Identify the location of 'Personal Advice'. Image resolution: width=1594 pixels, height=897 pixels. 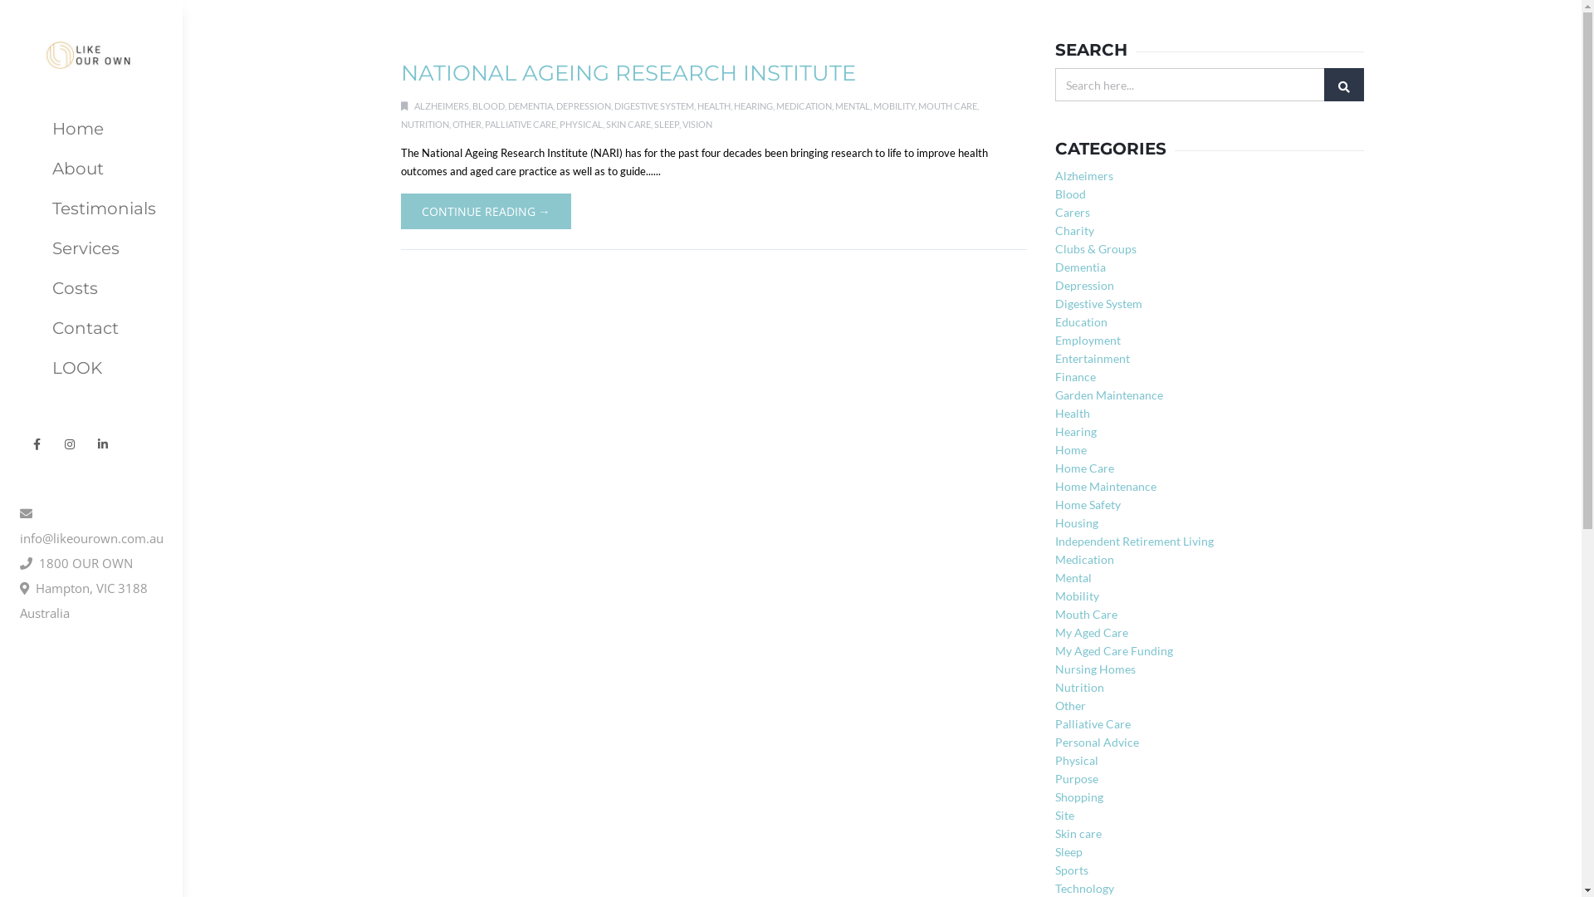
(1097, 741).